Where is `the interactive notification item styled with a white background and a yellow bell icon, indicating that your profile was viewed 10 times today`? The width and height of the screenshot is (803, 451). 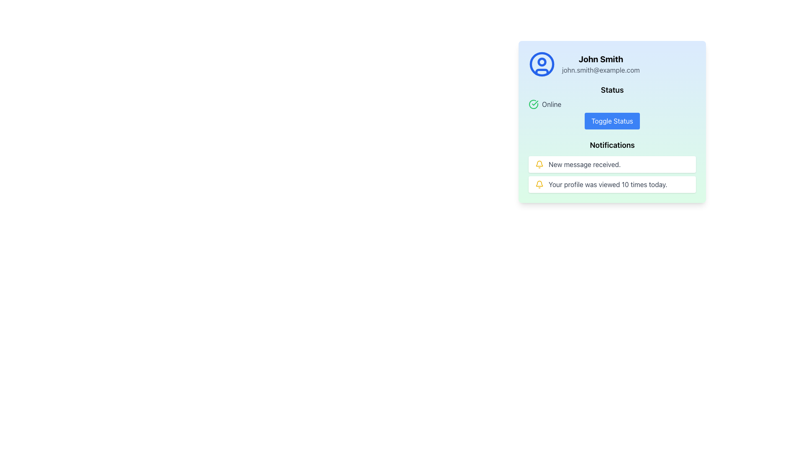
the interactive notification item styled with a white background and a yellow bell icon, indicating that your profile was viewed 10 times today is located at coordinates (612, 184).